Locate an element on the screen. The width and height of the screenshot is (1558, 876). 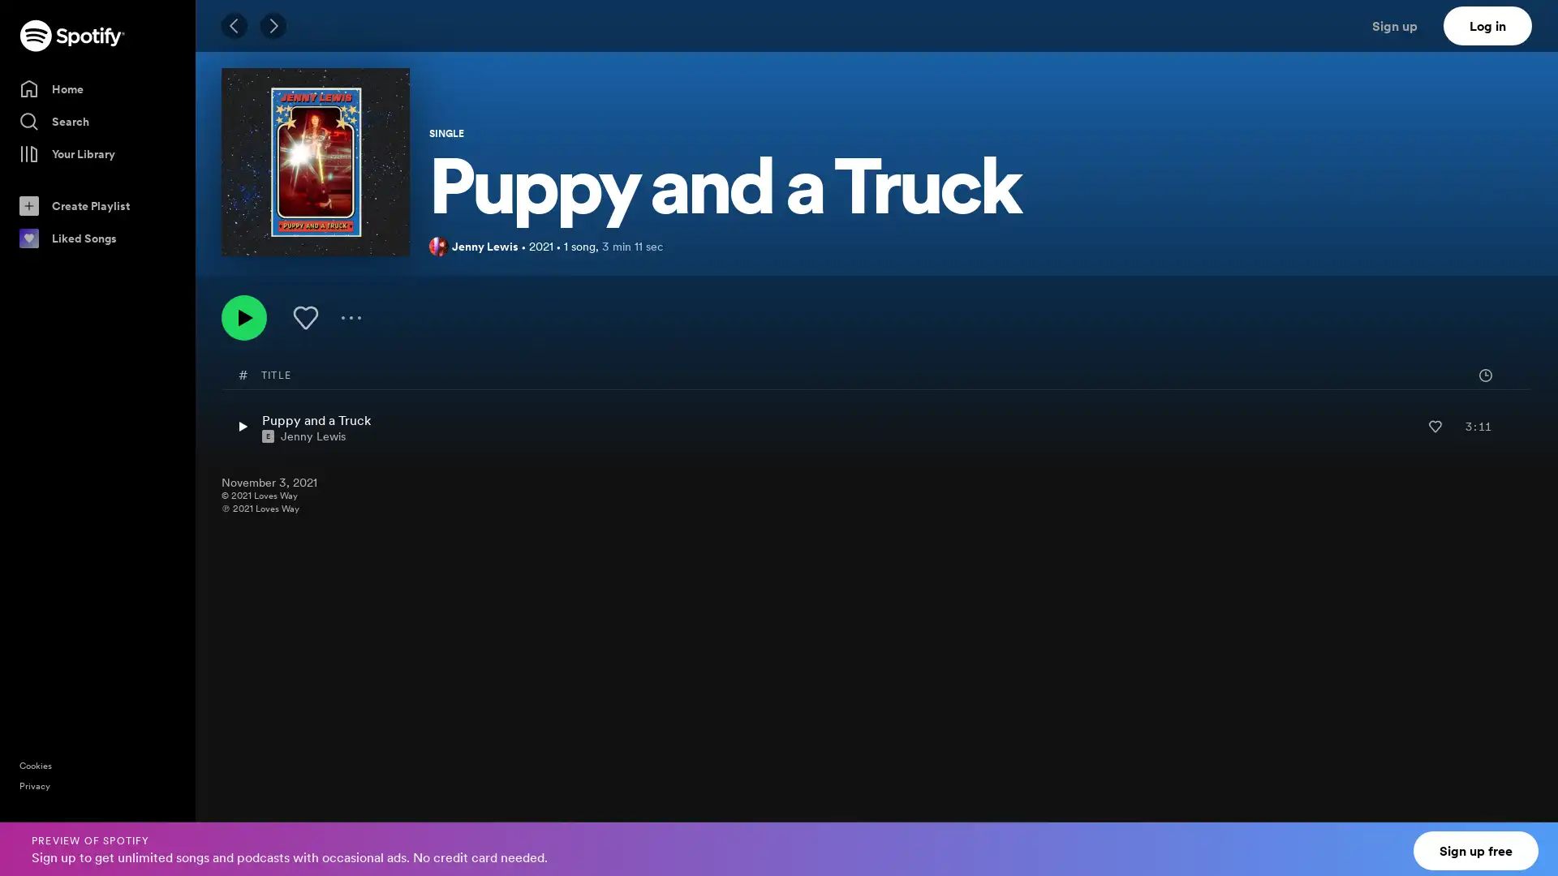
Play Puppy and a Truck by Jenny Lewis is located at coordinates (241, 425).